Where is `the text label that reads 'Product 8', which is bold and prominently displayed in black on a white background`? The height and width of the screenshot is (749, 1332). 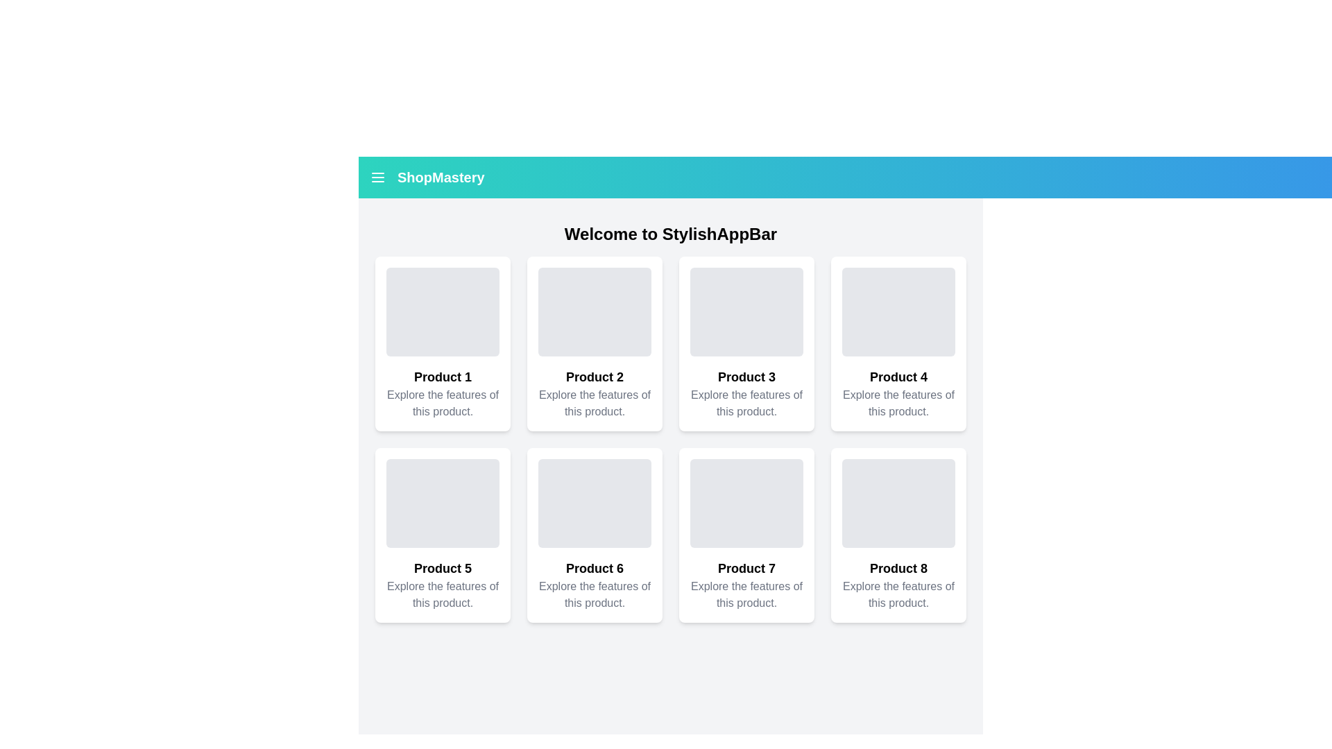 the text label that reads 'Product 8', which is bold and prominently displayed in black on a white background is located at coordinates (898, 569).